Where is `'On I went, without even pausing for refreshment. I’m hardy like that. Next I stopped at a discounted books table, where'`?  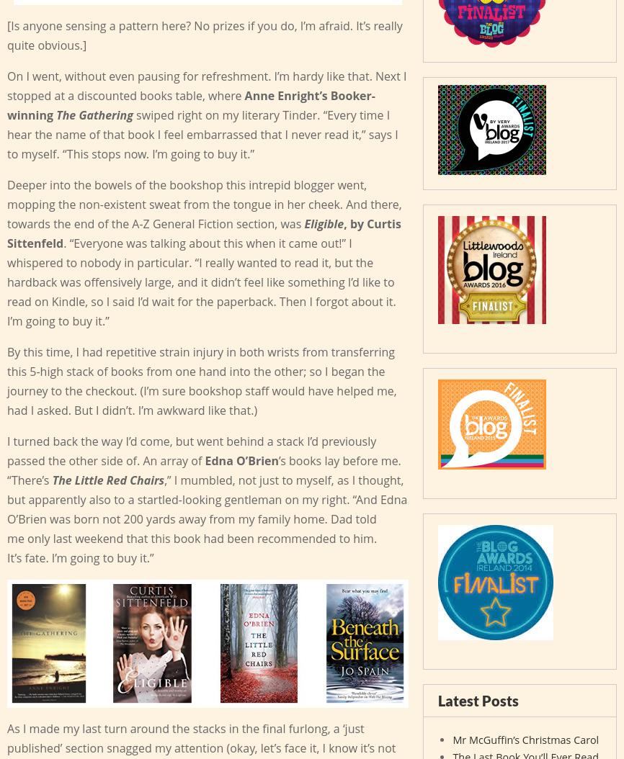 'On I went, without even pausing for refreshment. I’m hardy like that. Next I stopped at a discounted books table, where' is located at coordinates (205, 85).